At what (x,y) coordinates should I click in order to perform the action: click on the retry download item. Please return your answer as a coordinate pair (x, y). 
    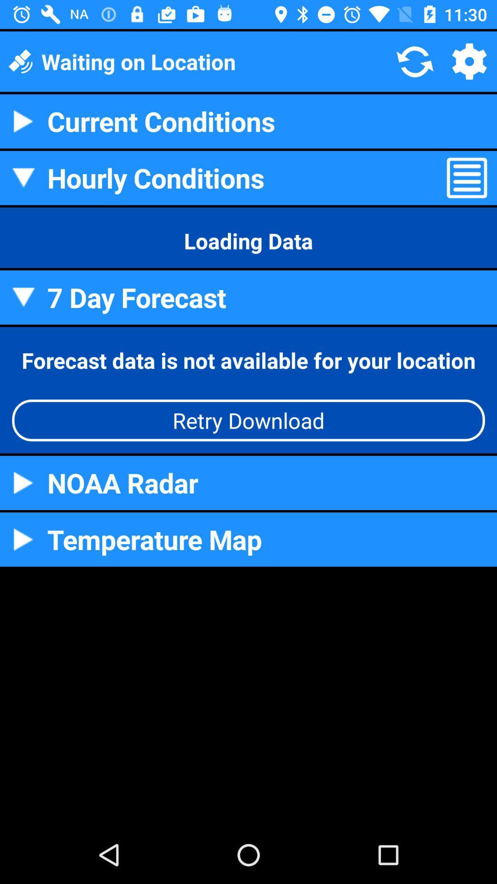
    Looking at the image, I should click on (248, 420).